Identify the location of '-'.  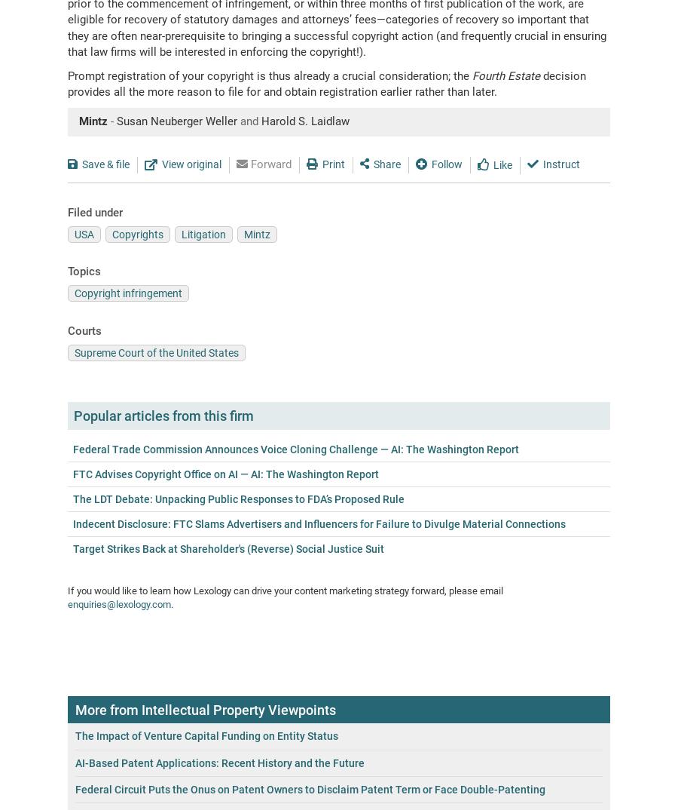
(112, 120).